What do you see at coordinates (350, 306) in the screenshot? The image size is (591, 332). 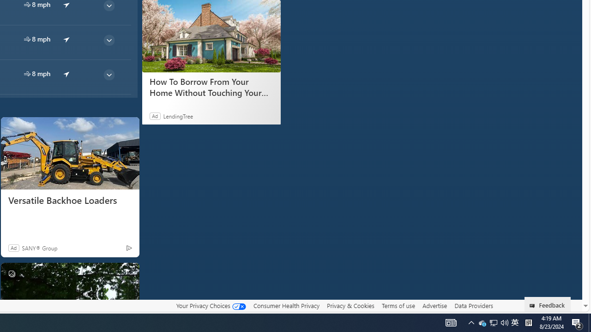 I see `'Privacy & Cookies'` at bounding box center [350, 306].